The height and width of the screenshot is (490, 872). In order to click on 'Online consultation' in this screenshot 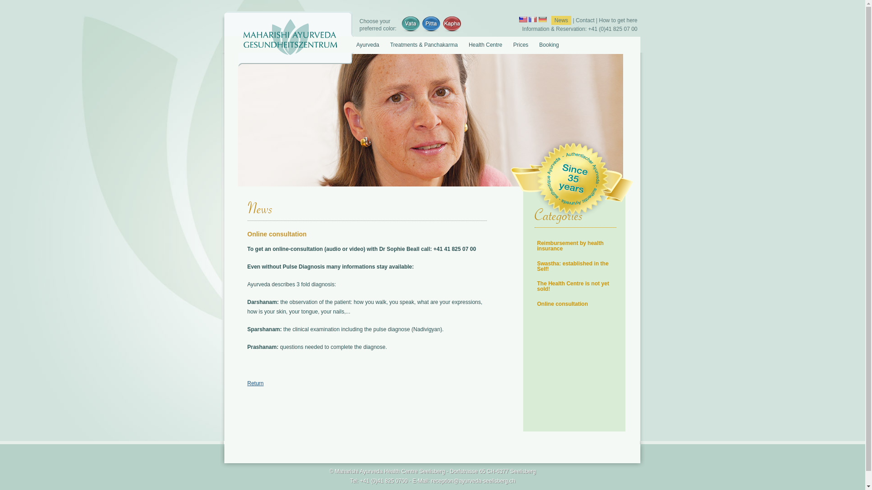, I will do `click(562, 304)`.